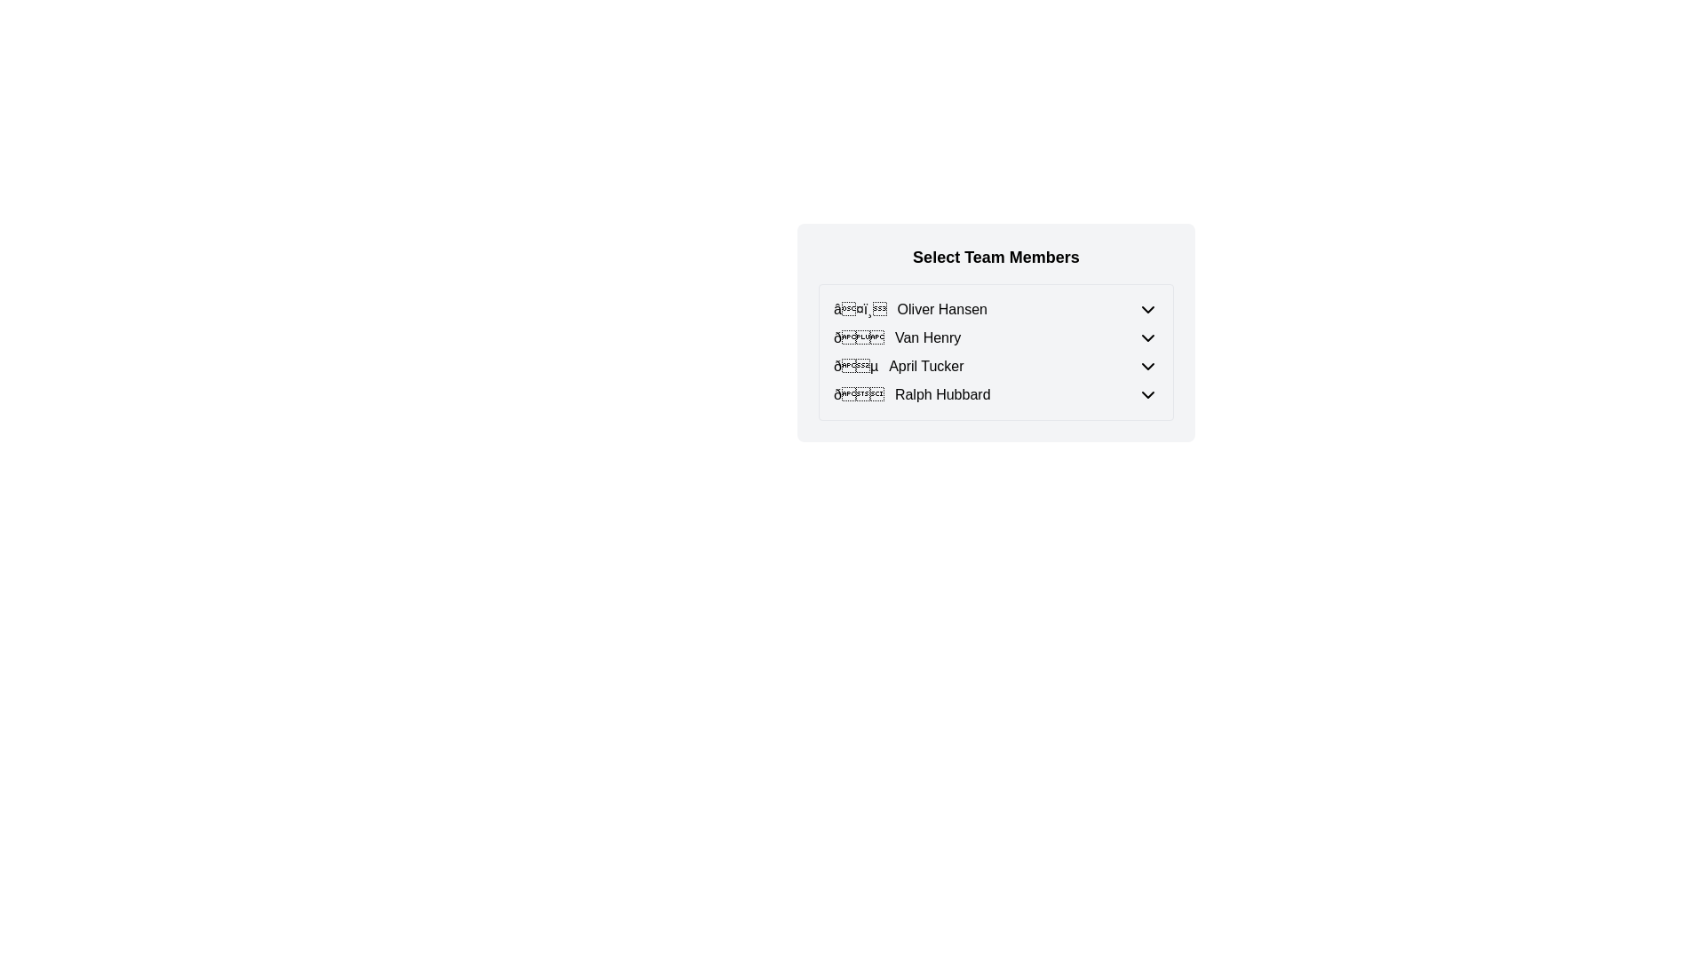  Describe the element at coordinates (927, 338) in the screenshot. I see `the content of the text label displaying 'Van Henry', which is the second item in the team members list, positioned below 'Oliver Hansen'` at that location.